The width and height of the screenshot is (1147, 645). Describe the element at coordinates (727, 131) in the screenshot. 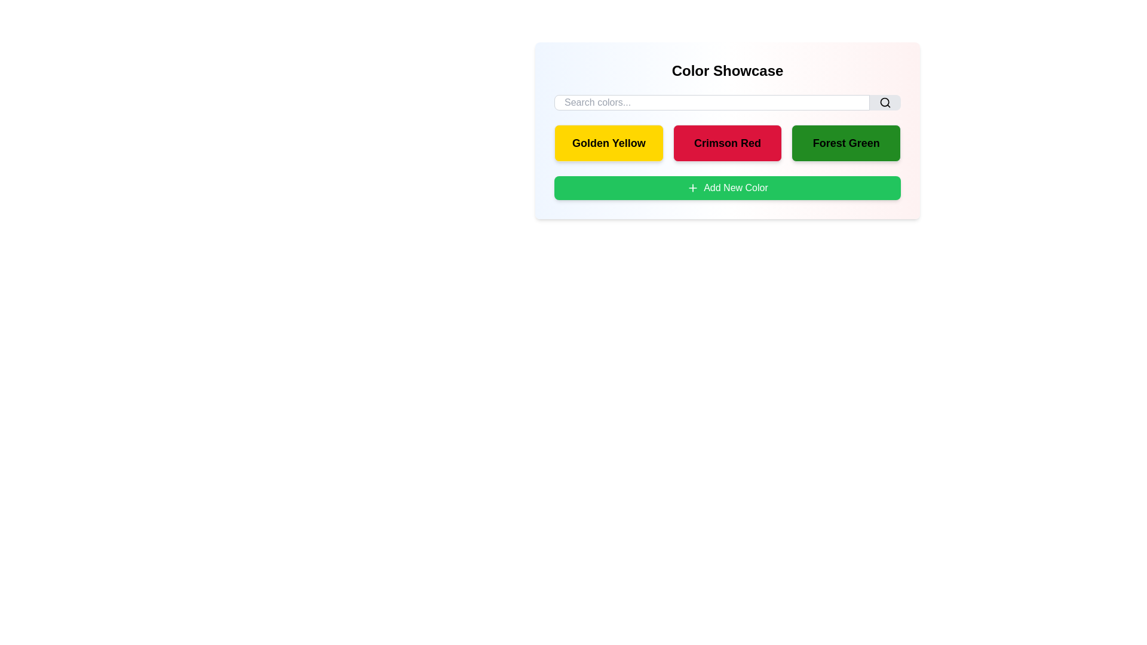

I see `the rectangular button with a red background and bold black text reading 'Crimson Red' located in the middle of the layout, positioned between 'Golden Yellow' and 'Forest Green' buttons` at that location.